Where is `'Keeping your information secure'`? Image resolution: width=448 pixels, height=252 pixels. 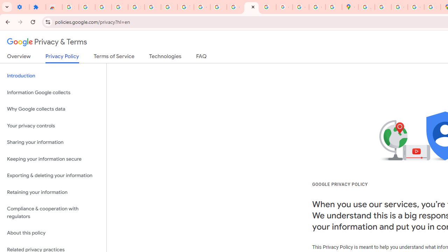 'Keeping your information secure' is located at coordinates (53, 159).